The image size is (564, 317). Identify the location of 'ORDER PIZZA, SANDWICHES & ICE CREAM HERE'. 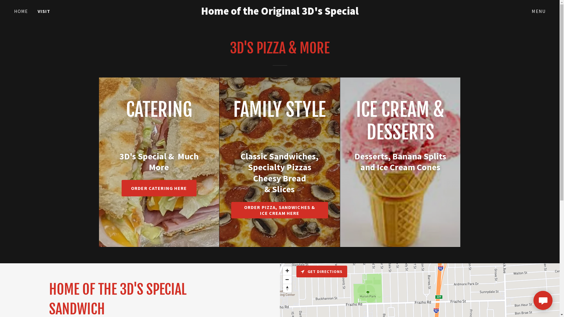
(279, 210).